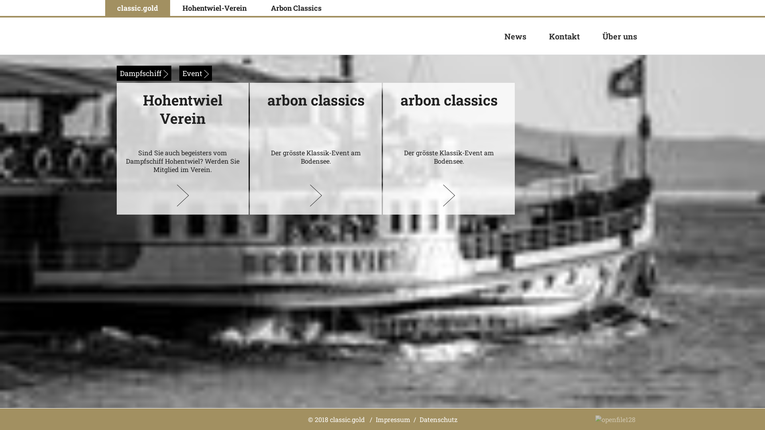 This screenshot has height=430, width=765. What do you see at coordinates (375, 418) in the screenshot?
I see `'Impressum'` at bounding box center [375, 418].